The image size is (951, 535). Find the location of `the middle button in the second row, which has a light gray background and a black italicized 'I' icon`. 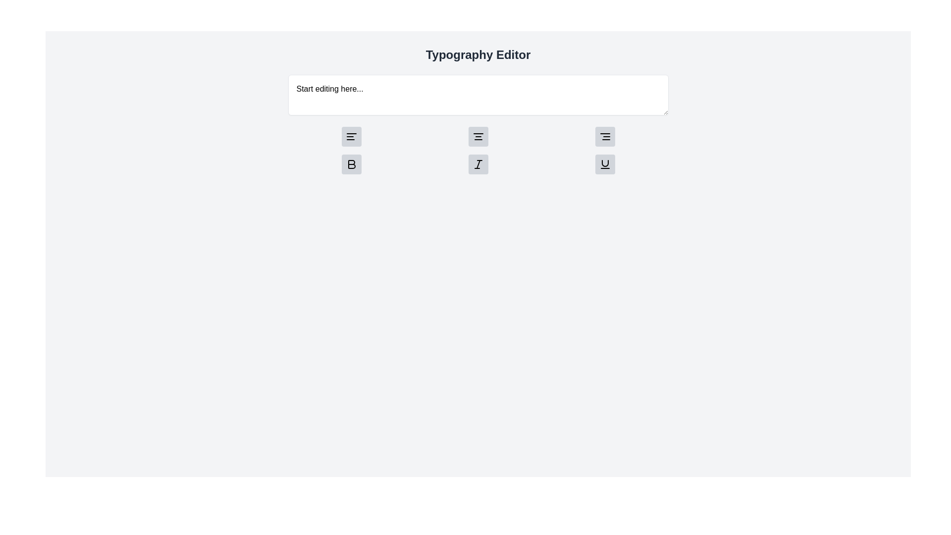

the middle button in the second row, which has a light gray background and a black italicized 'I' icon is located at coordinates (478, 163).